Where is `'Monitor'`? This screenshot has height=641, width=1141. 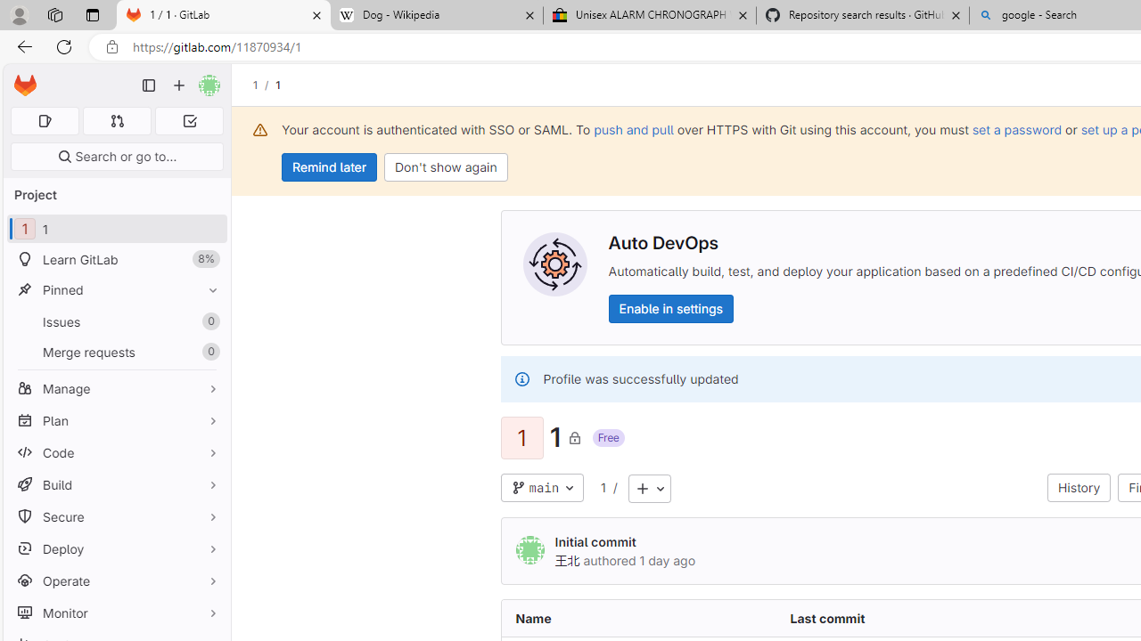
'Monitor' is located at coordinates (116, 612).